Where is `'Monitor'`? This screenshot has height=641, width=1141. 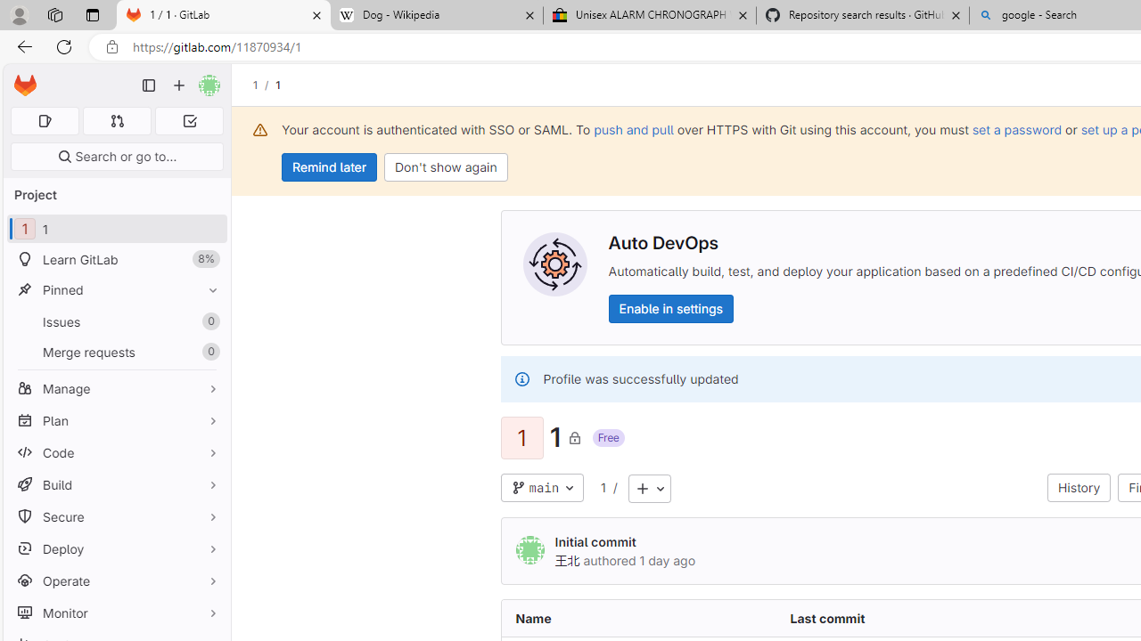
'Monitor' is located at coordinates (116, 612).